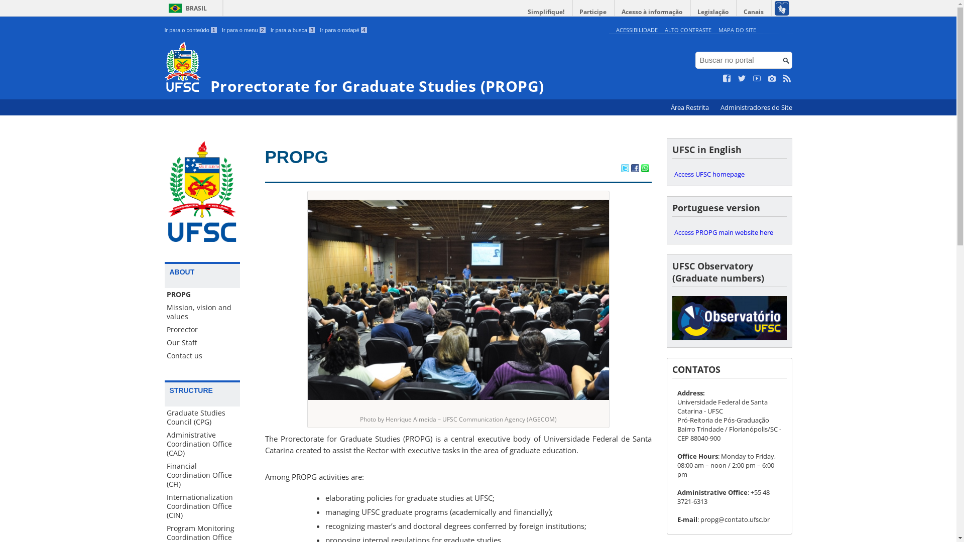  What do you see at coordinates (756, 107) in the screenshot?
I see `'Administradores do Site'` at bounding box center [756, 107].